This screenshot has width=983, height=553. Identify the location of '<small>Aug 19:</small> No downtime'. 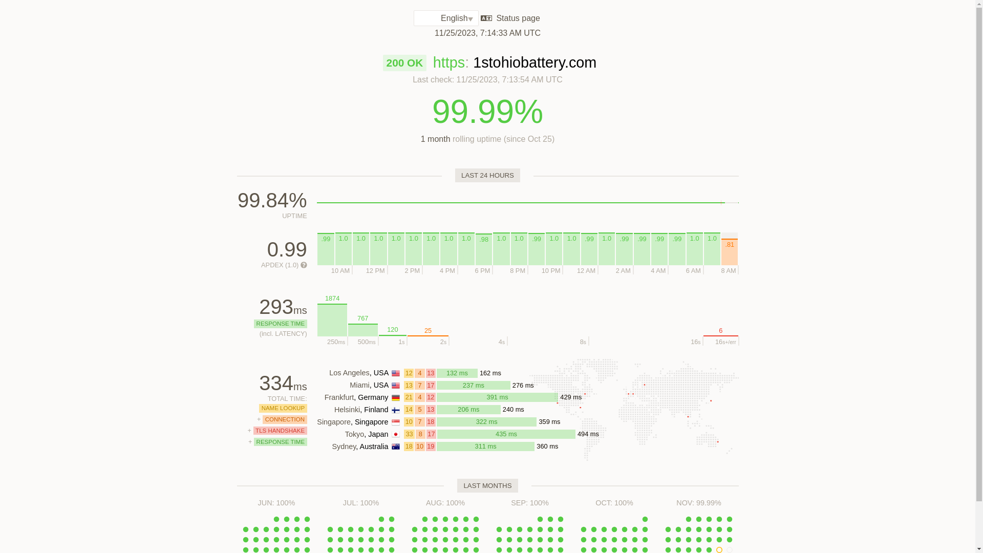
(465, 539).